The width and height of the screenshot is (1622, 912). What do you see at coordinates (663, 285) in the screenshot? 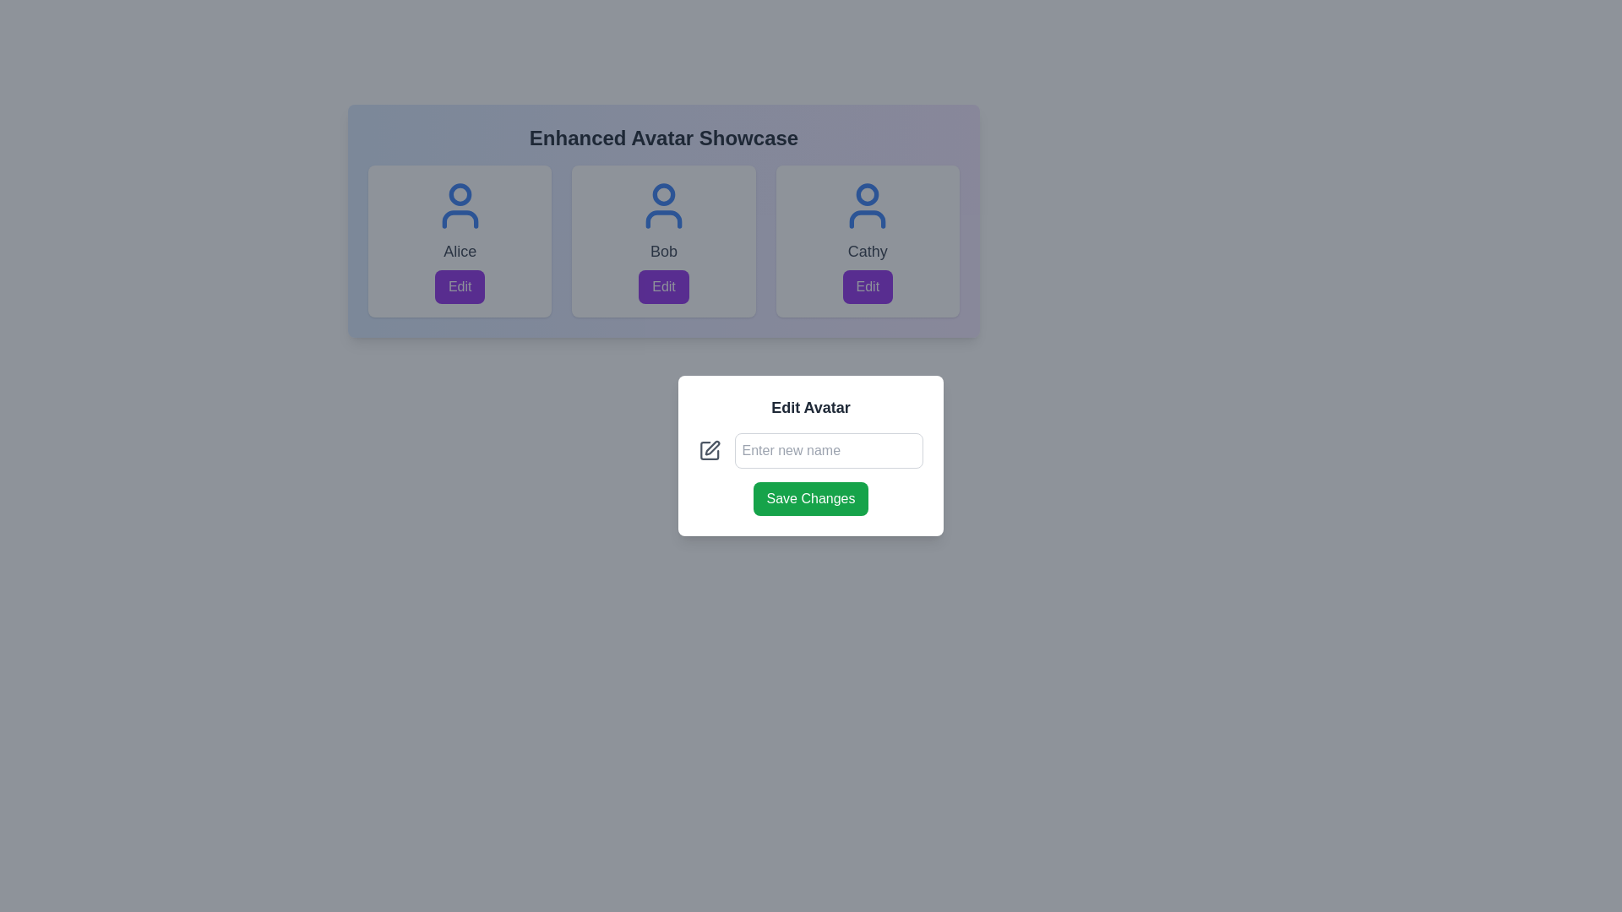
I see `the button that triggers the editing functionality for Bob's profile` at bounding box center [663, 285].